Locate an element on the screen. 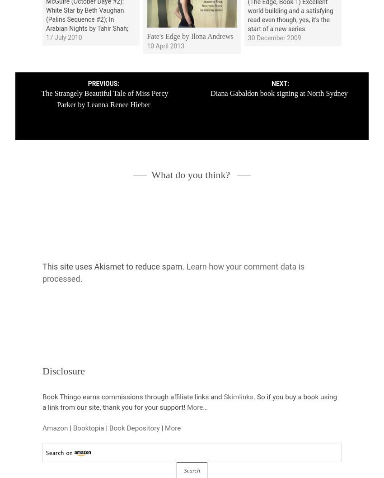 The height and width of the screenshot is (478, 384). 'Disclosure' is located at coordinates (64, 370).